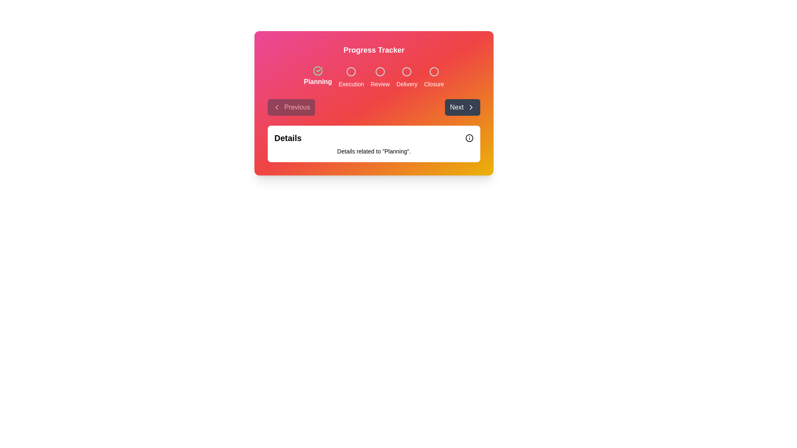 The width and height of the screenshot is (797, 448). I want to click on the right-facing chevron arrow icon styled in a white stroke on a dark 'Next' button located towards the right of the central UI section, so click(471, 107).